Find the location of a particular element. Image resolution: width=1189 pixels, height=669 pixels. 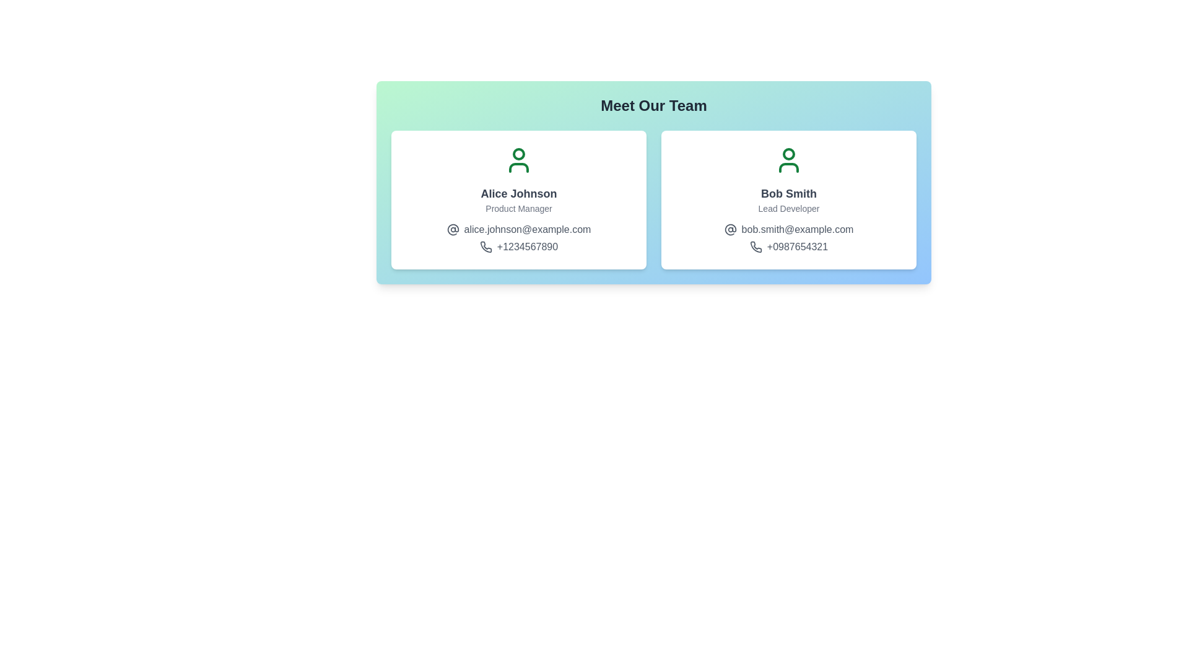

the phone icon, which is a simple outline of a telephone receiver, located to the left of the phone number text in the contact information section of Alice Johnson's profile card is located at coordinates (485, 247).